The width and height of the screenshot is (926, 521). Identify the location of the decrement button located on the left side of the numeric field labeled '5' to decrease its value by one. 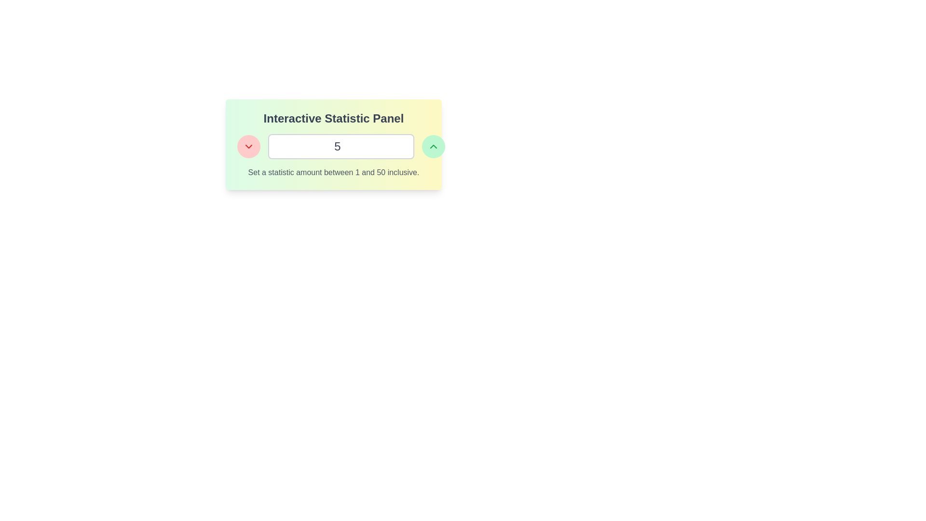
(248, 147).